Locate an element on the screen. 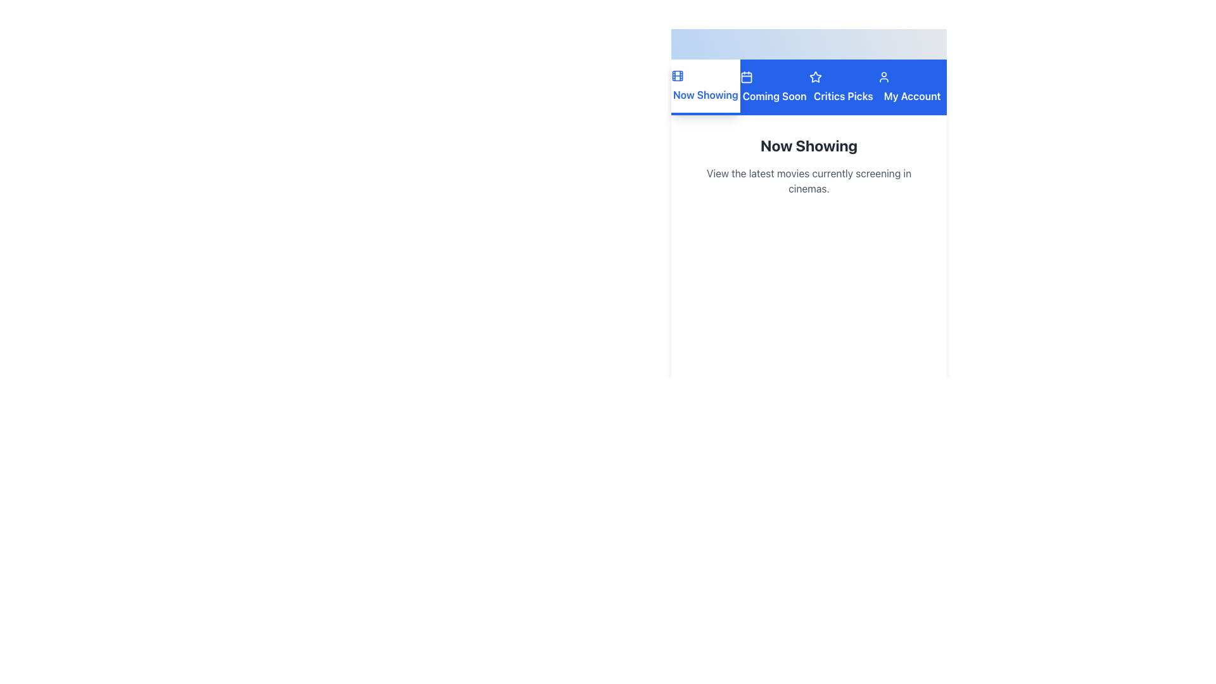 The width and height of the screenshot is (1216, 684). the 'My Account' text label located in the far right corner of the navigation bar, styled with a modern font on a blue background is located at coordinates (912, 95).